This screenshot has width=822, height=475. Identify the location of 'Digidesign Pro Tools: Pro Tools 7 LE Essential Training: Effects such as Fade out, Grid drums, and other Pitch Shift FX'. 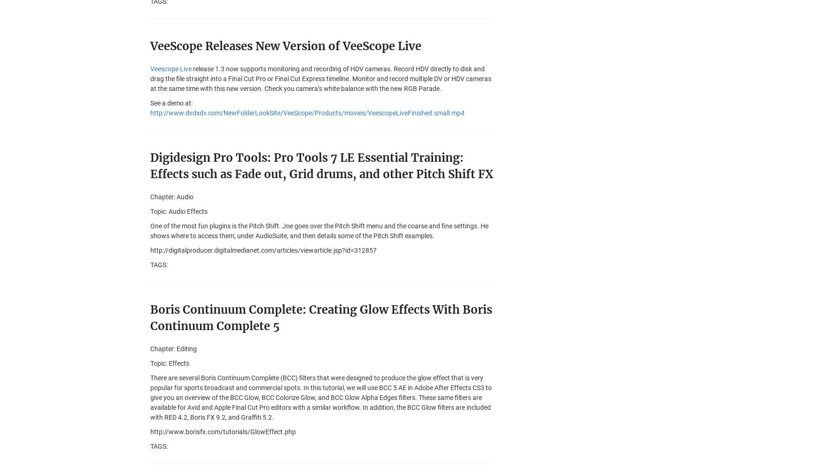
(321, 166).